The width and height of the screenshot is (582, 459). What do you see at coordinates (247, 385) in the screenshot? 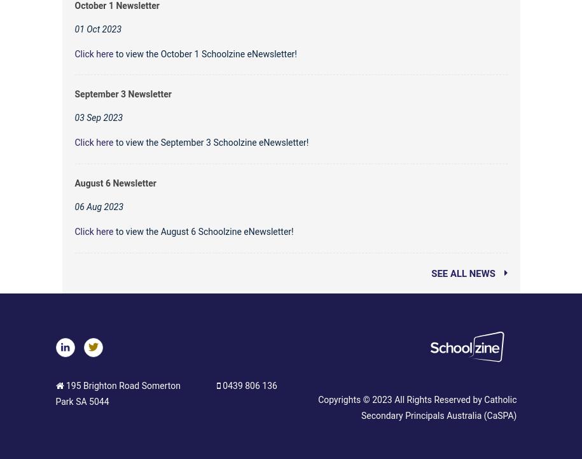
I see `'0439 806 136'` at bounding box center [247, 385].